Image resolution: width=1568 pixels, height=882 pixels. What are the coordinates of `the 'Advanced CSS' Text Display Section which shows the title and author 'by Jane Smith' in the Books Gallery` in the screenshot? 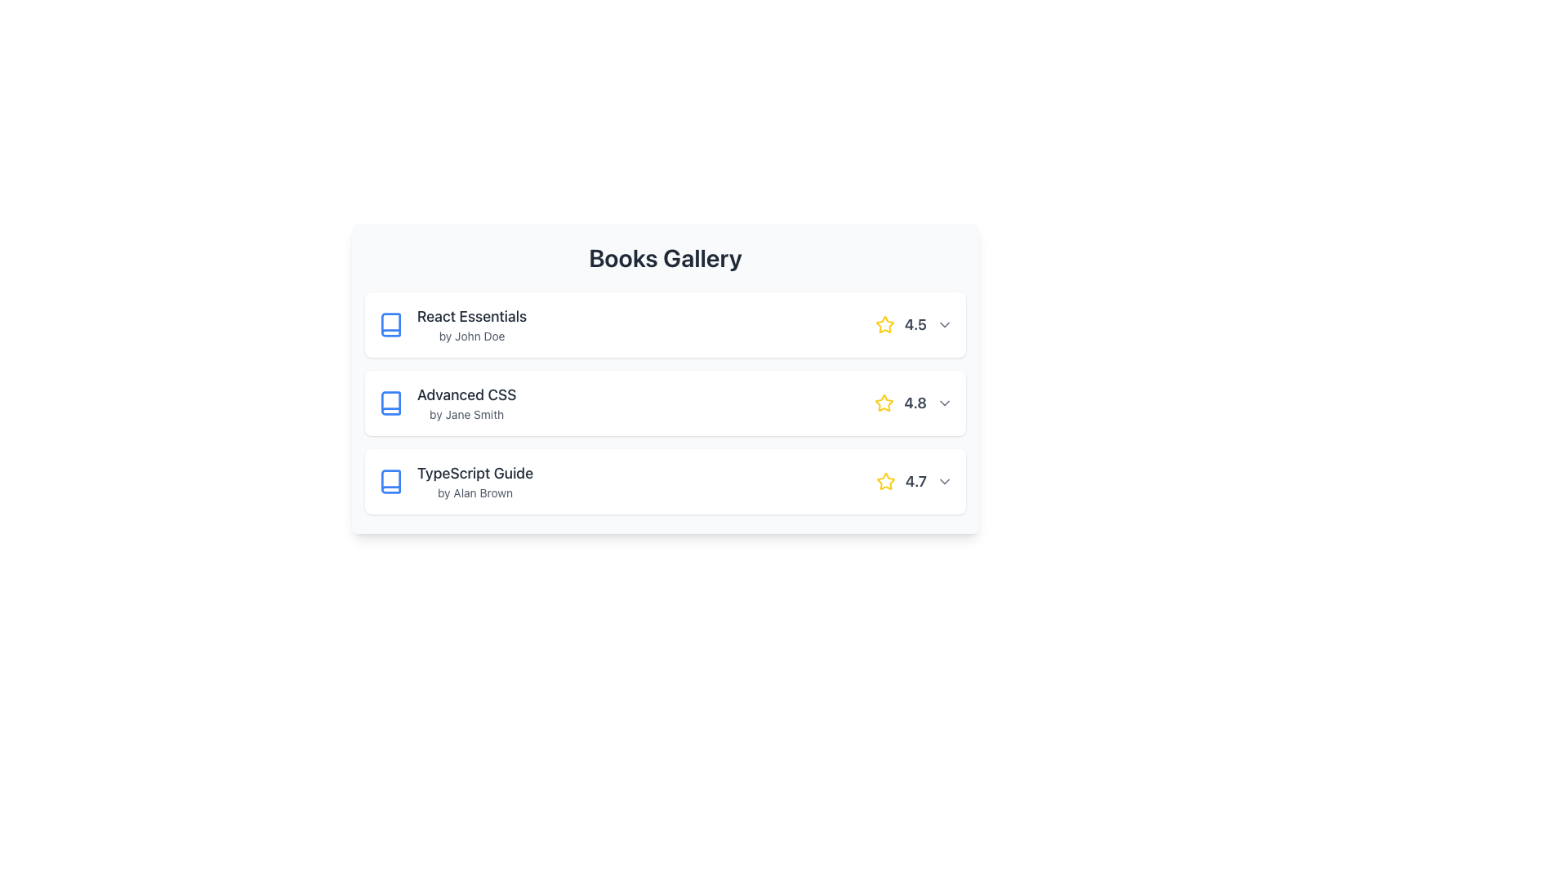 It's located at (465, 403).